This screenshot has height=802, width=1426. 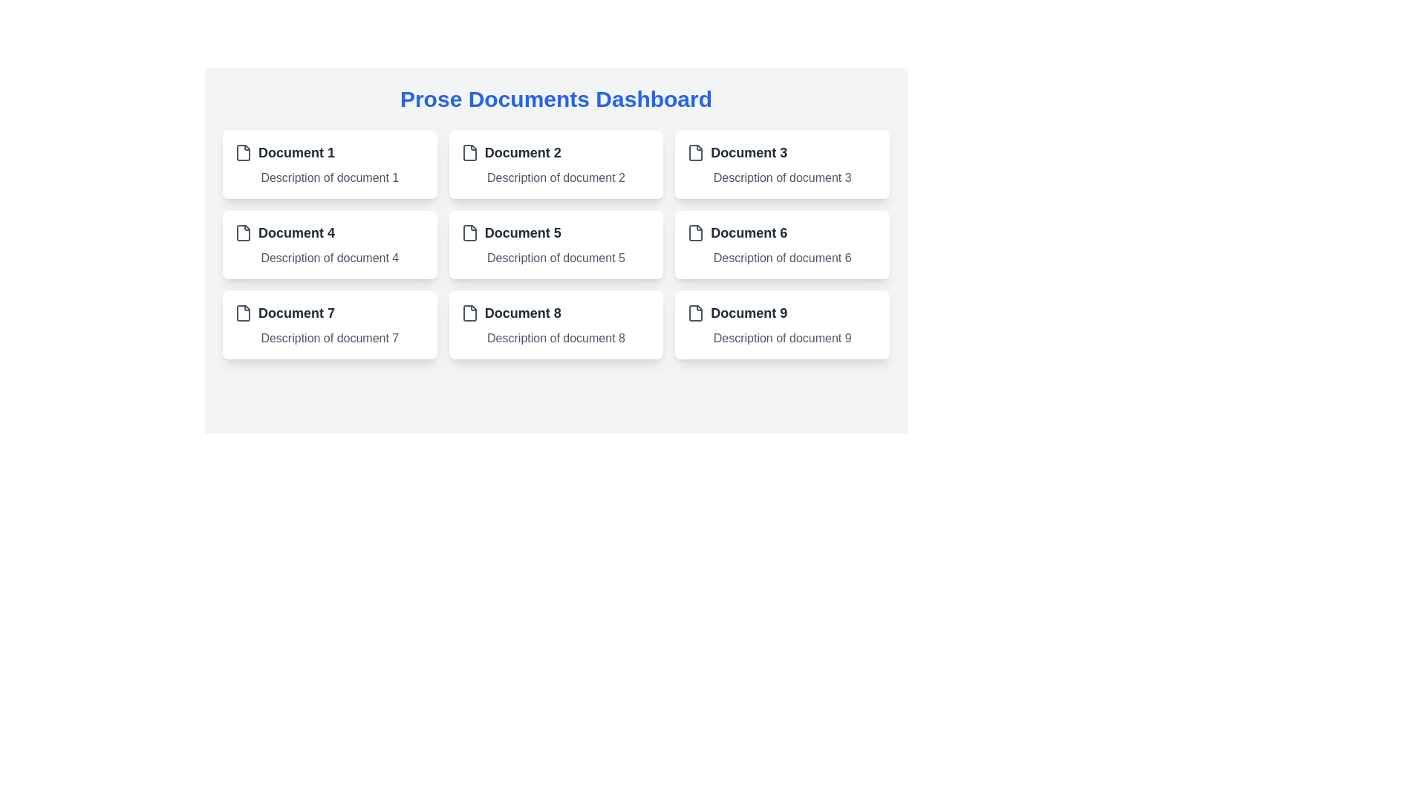 I want to click on title 'Document 4' from the text label, which is bold and dark gray, positioned within the card for the fourth document in the grid layout, so click(x=296, y=232).